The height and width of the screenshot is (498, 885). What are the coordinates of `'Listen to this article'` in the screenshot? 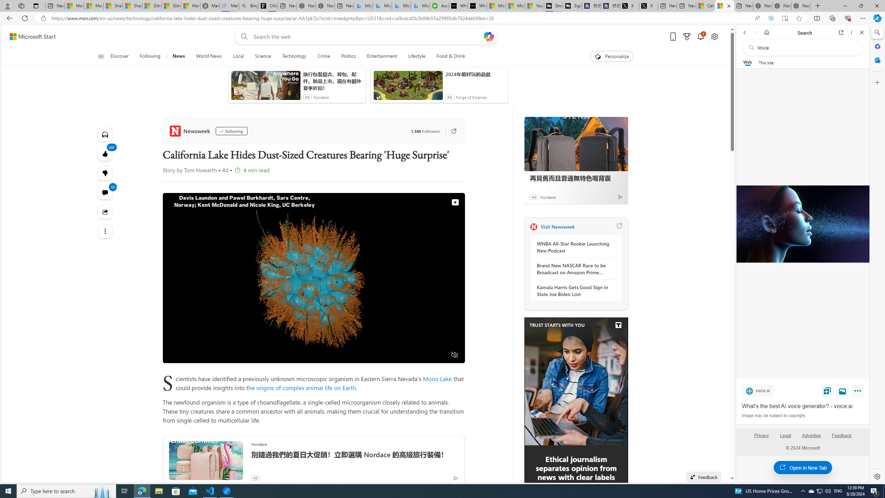 It's located at (105, 134).